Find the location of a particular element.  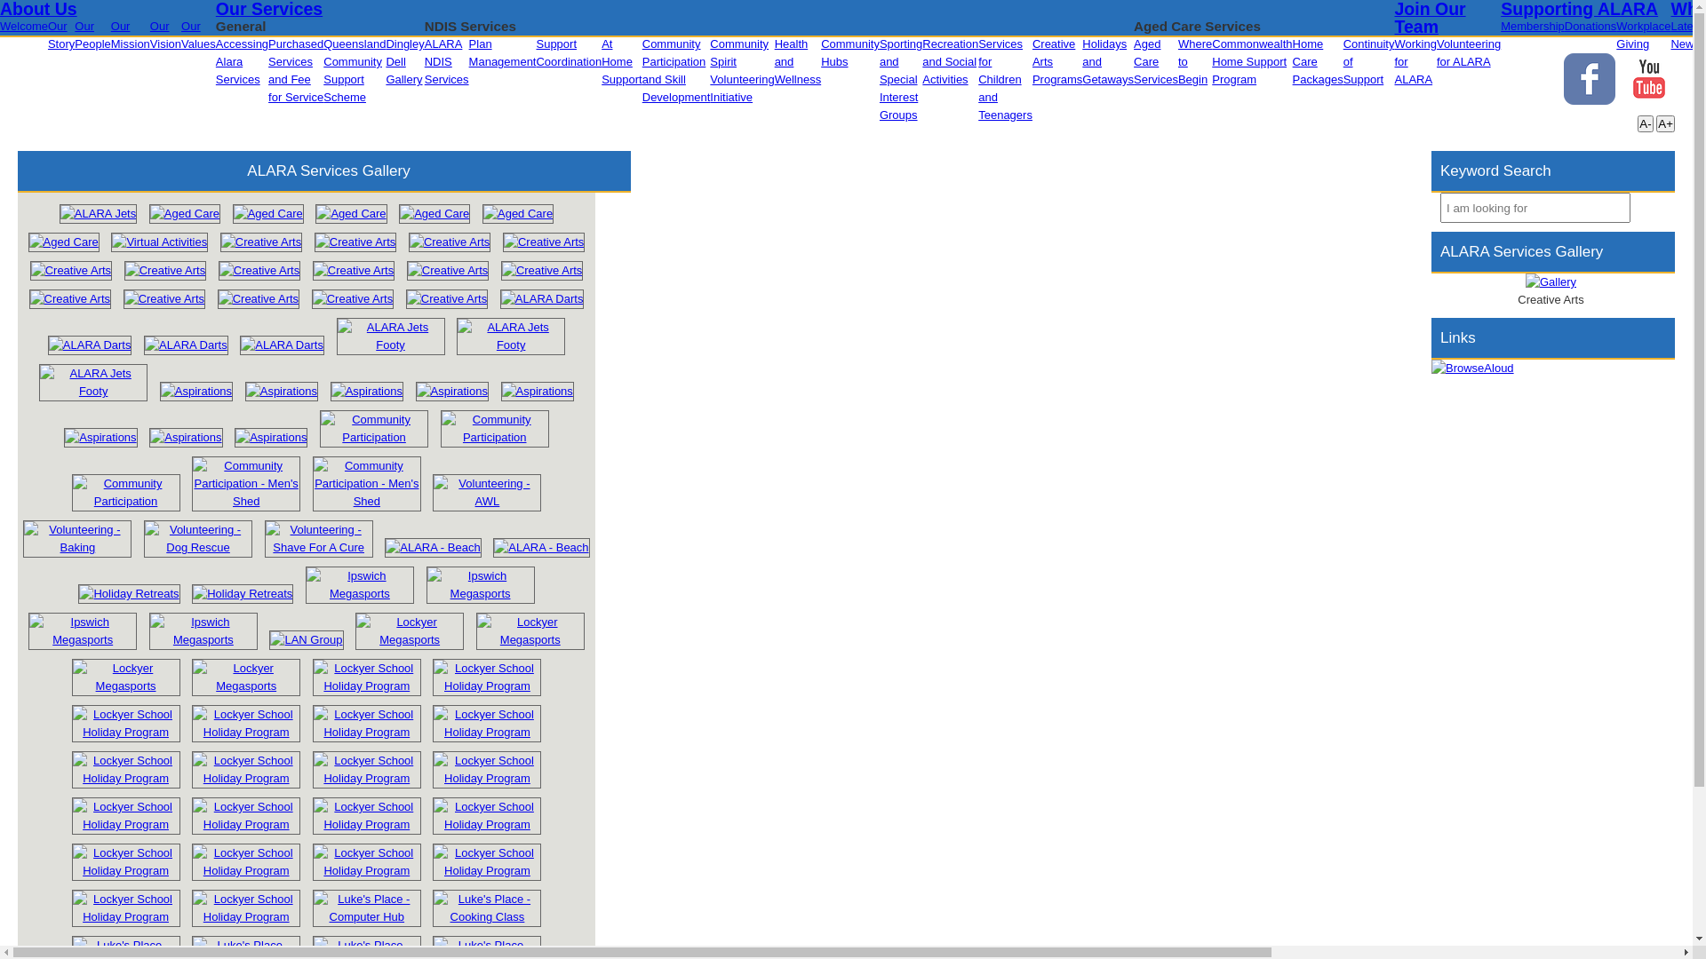

'Lockyer Megasports' is located at coordinates (408, 639).